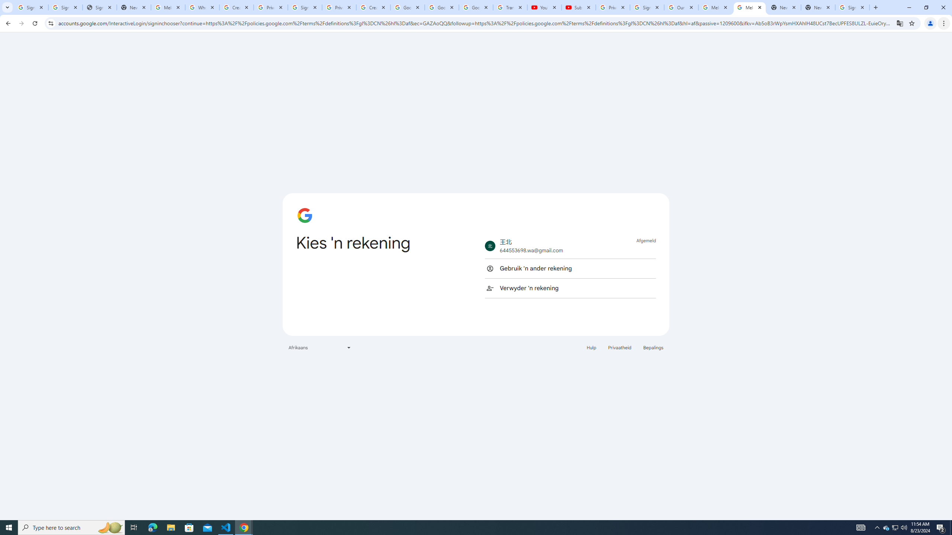 The image size is (952, 535). I want to click on 'New Tab', so click(818, 7).